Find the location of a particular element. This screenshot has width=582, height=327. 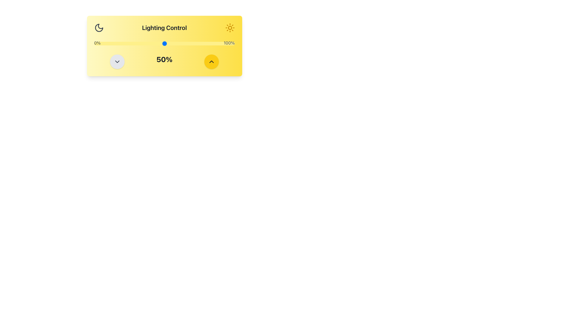

the blue handle of the slider is located at coordinates (164, 43).